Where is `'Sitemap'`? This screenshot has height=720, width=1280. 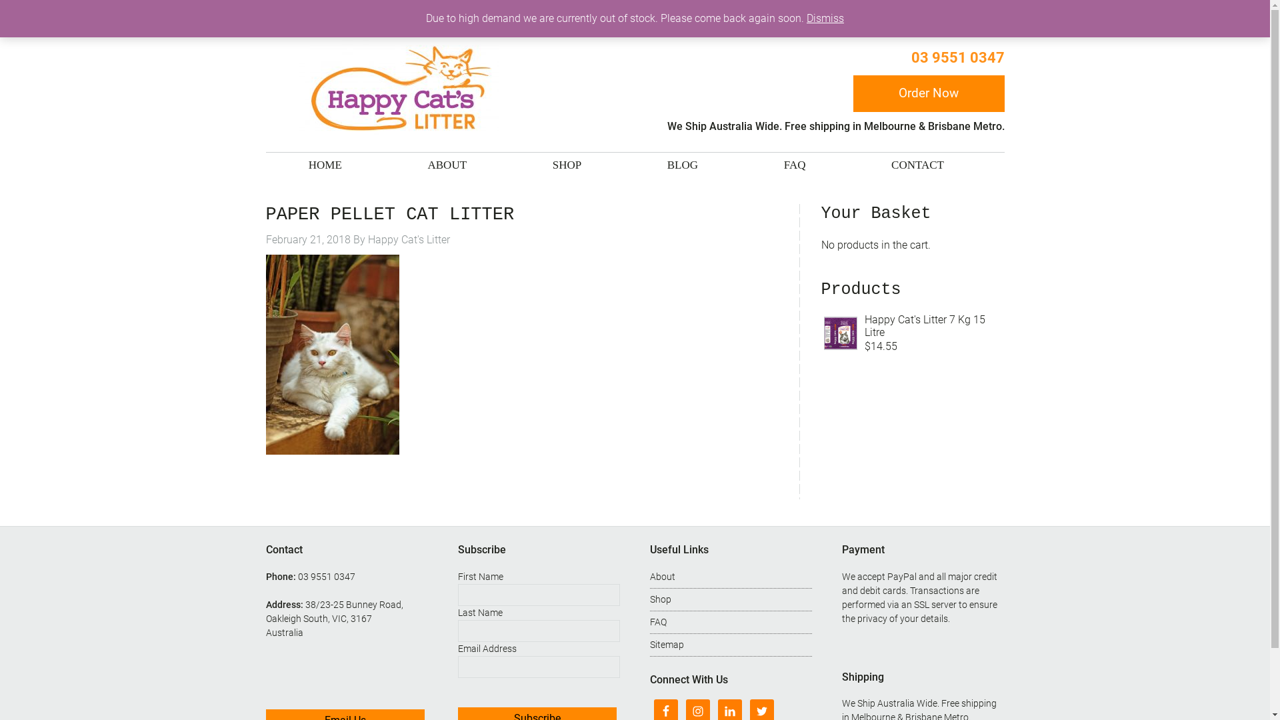 'Sitemap' is located at coordinates (667, 644).